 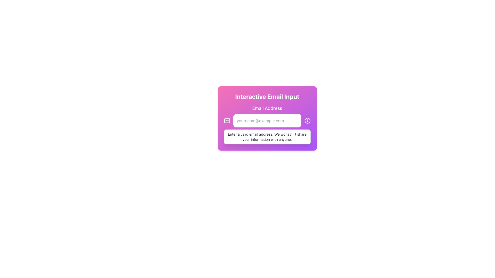 I want to click on the Static Text Label displaying 'Email Address' which is styled in a large white font and positioned above the interactive email input field, so click(x=267, y=108).